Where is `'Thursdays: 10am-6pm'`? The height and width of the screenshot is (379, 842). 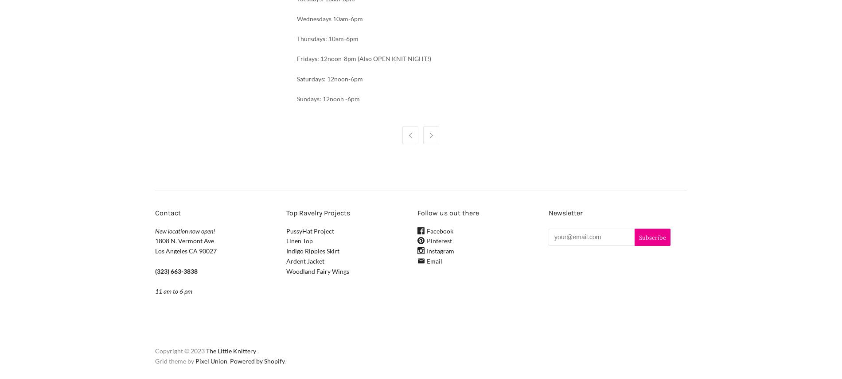 'Thursdays: 10am-6pm' is located at coordinates (327, 38).